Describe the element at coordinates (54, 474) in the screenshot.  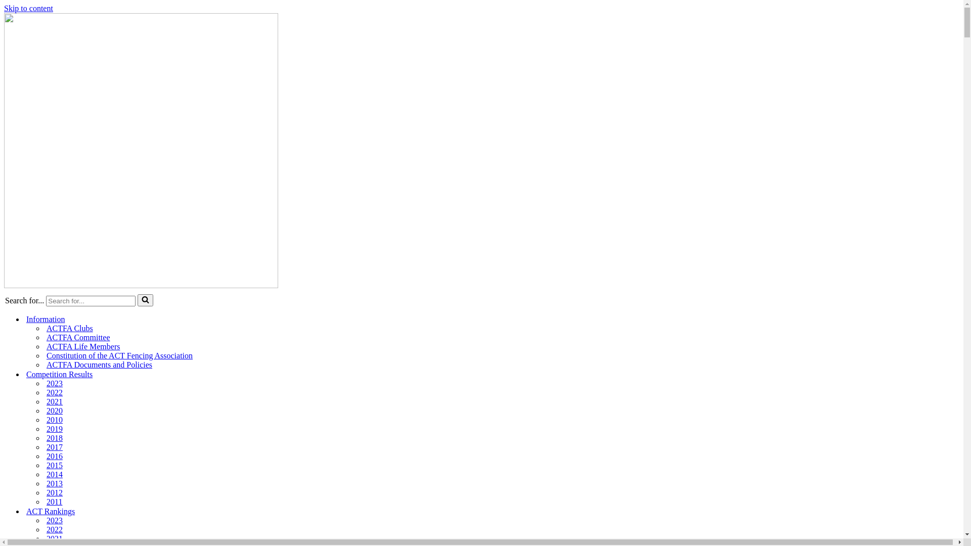
I see `'2014'` at that location.